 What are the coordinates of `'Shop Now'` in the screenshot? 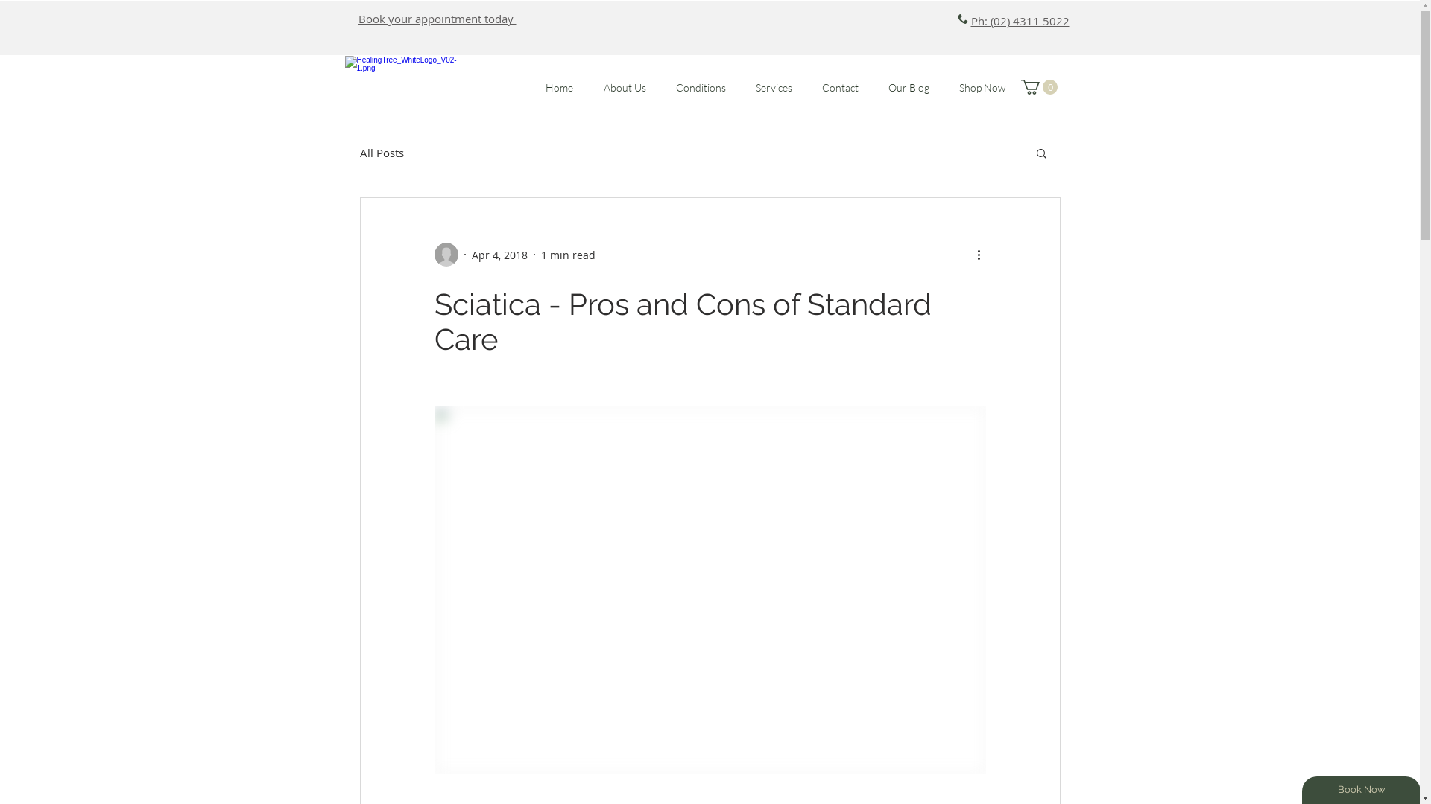 It's located at (981, 87).